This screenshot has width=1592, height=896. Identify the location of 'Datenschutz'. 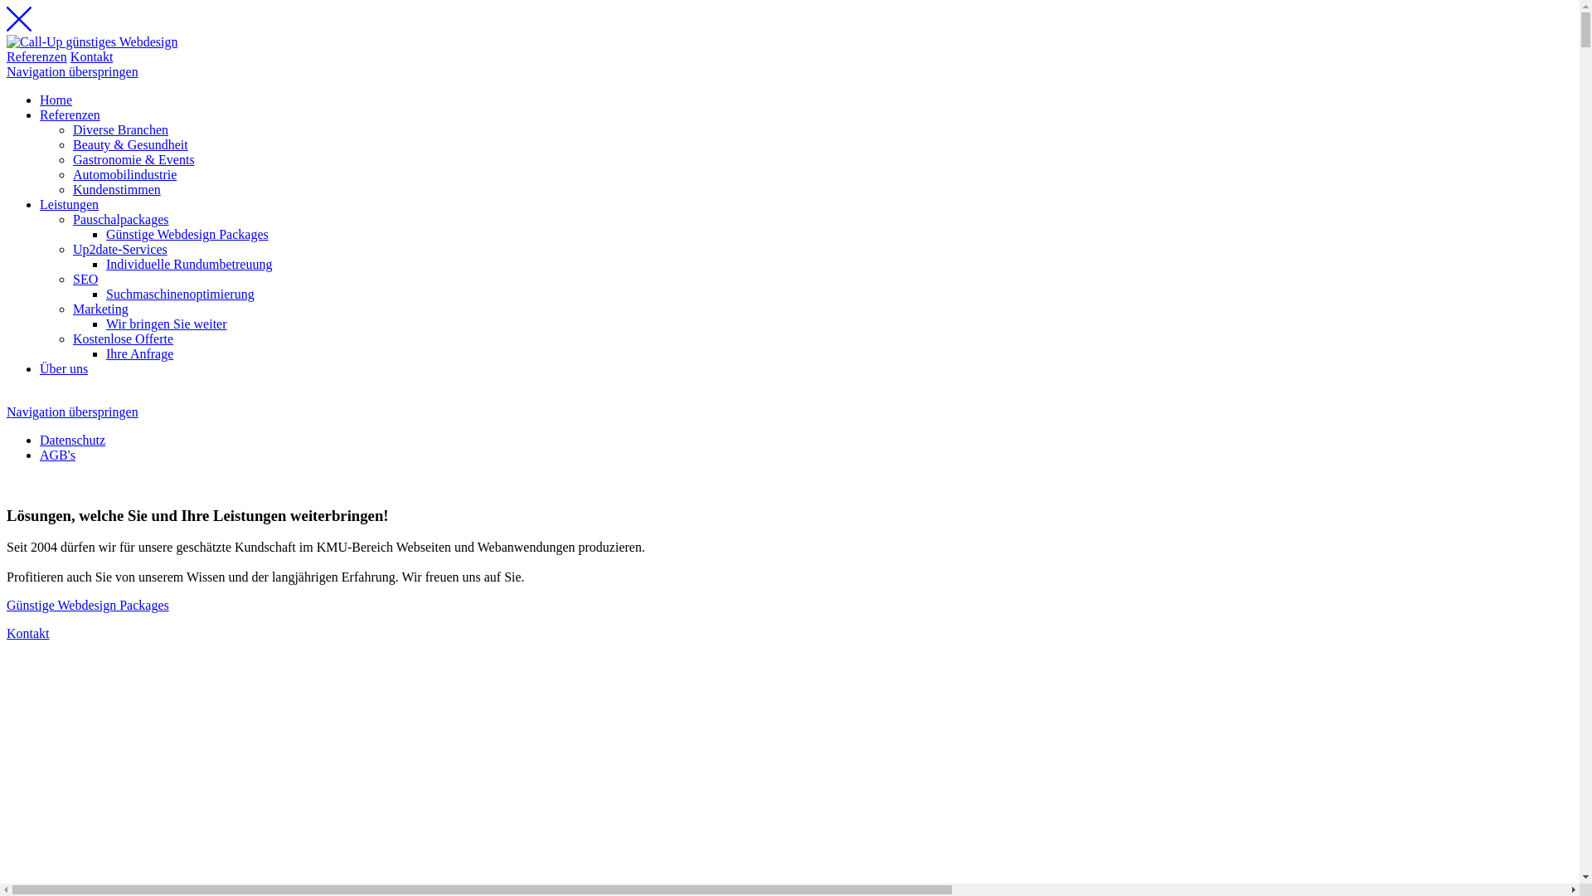
(40, 439).